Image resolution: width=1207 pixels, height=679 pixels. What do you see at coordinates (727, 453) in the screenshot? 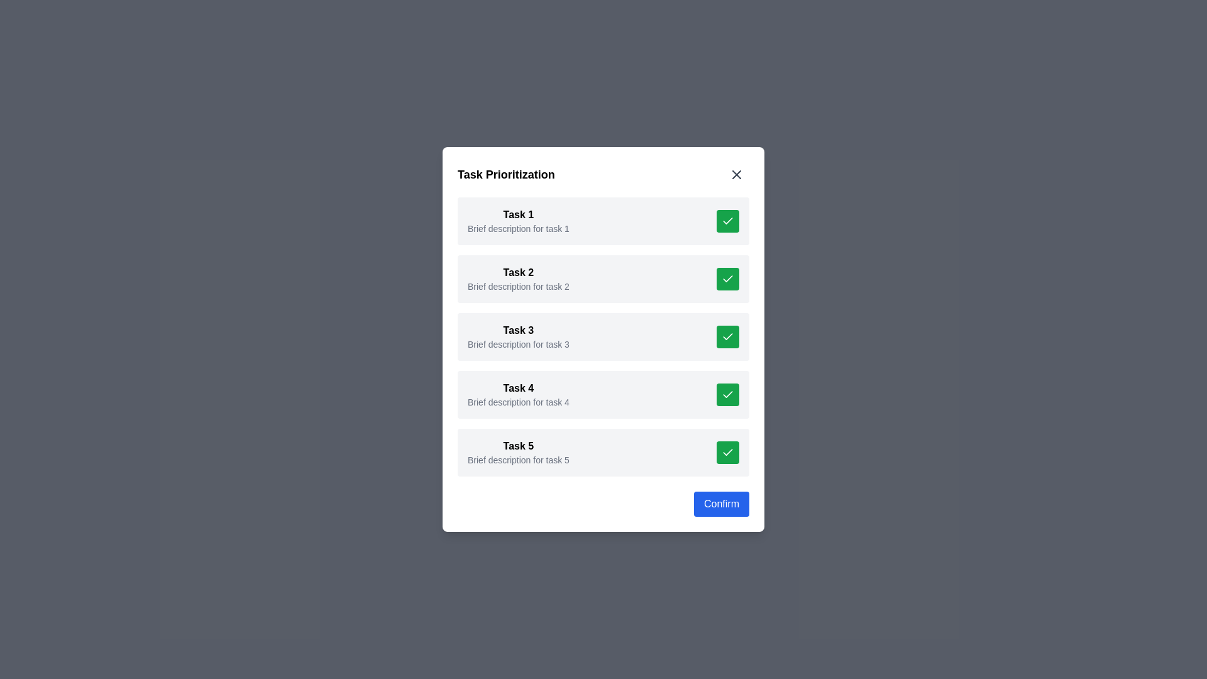
I see `the confirmation button for 'Task 5'` at bounding box center [727, 453].